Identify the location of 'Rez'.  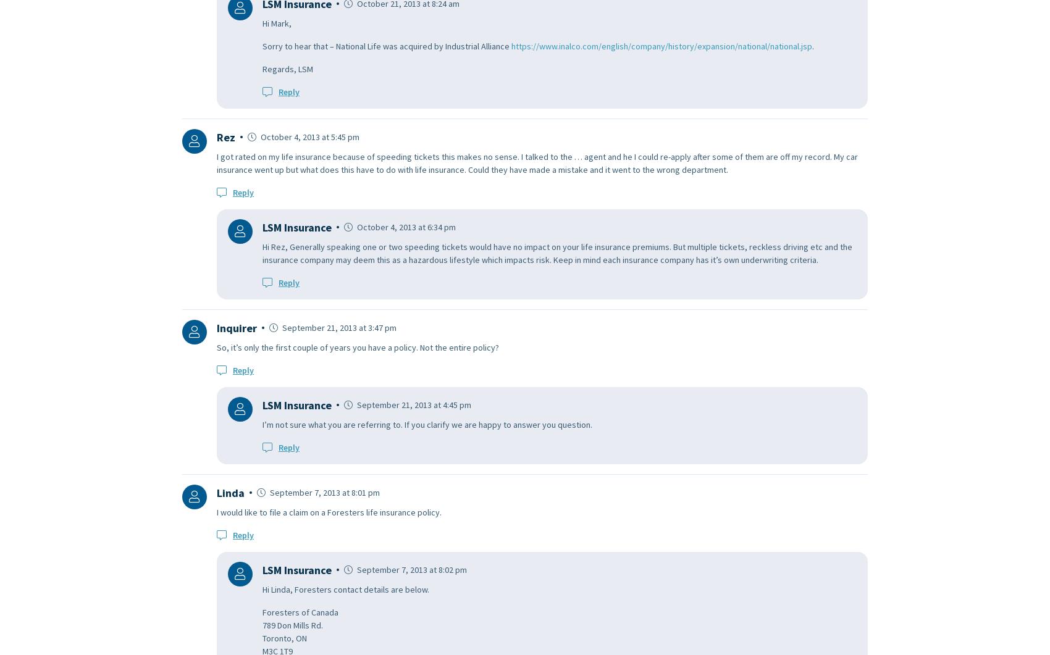
(225, 136).